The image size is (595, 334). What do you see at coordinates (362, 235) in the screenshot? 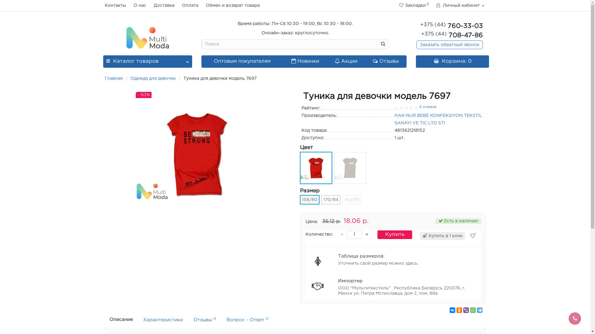
I see `'+'` at bounding box center [362, 235].